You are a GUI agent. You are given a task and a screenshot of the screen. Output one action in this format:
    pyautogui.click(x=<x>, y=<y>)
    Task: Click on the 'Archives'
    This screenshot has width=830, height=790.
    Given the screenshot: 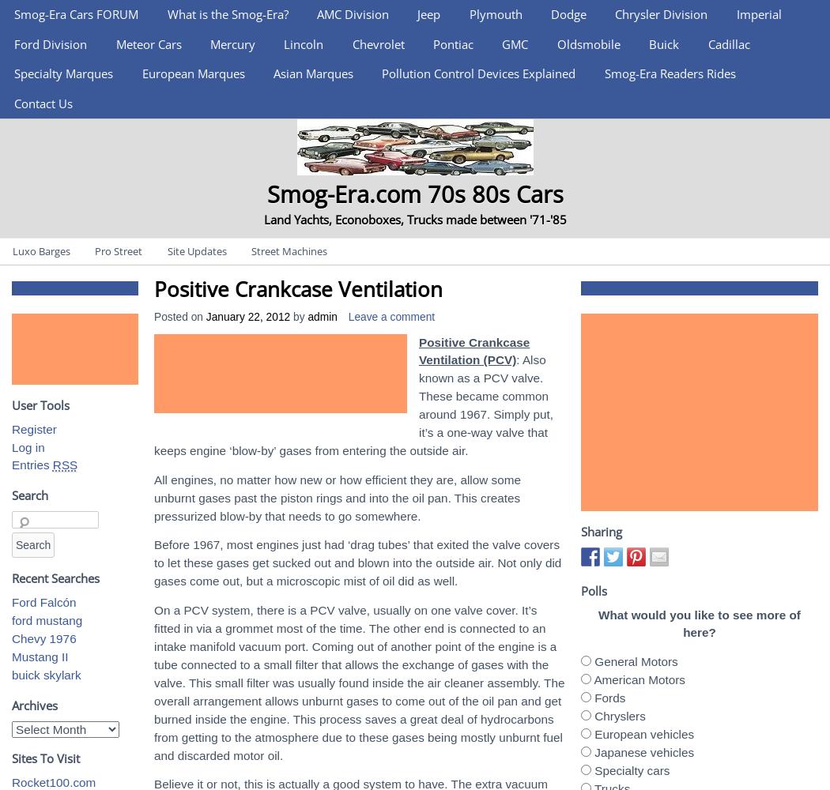 What is the action you would take?
    pyautogui.click(x=33, y=705)
    